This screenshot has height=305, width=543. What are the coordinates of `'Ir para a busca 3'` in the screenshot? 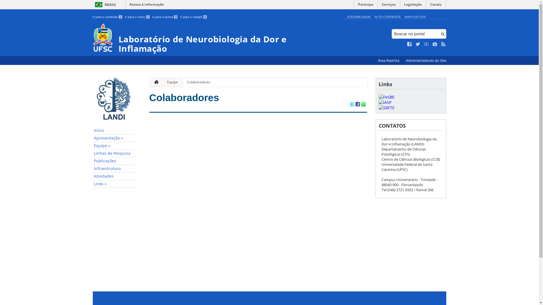 It's located at (165, 17).